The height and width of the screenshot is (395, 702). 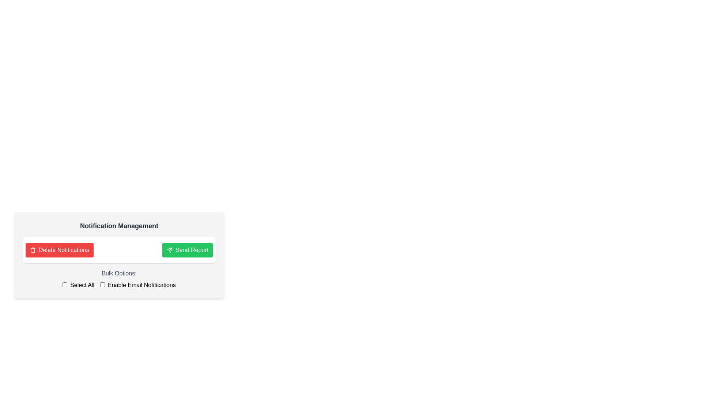 What do you see at coordinates (60, 249) in the screenshot?
I see `the delete notifications button located on the left side of the button group under 'Notification Management'` at bounding box center [60, 249].